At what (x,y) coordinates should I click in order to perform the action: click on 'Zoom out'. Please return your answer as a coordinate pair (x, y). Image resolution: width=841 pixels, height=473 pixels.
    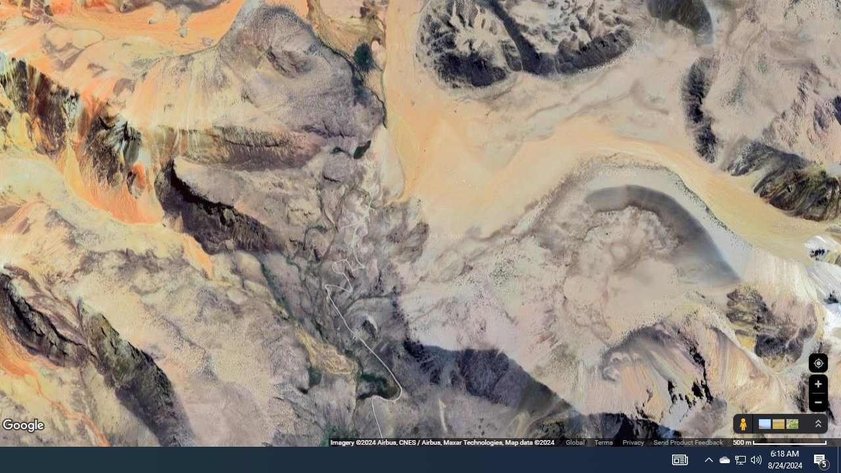
    Looking at the image, I should click on (817, 401).